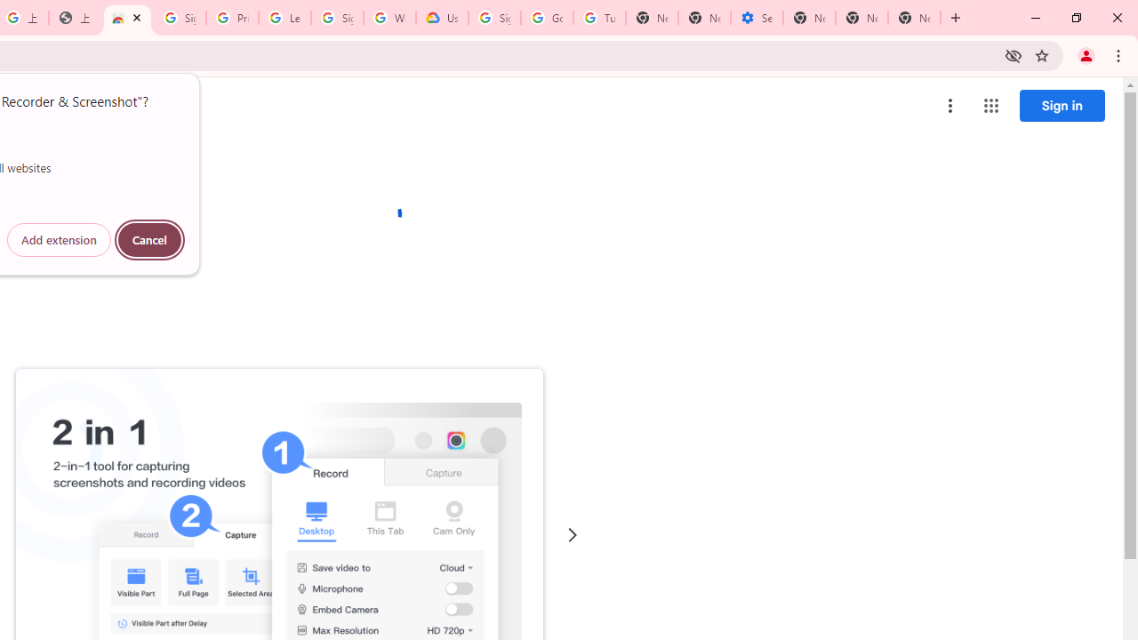  Describe the element at coordinates (757, 18) in the screenshot. I see `'Settings - Addresses and more'` at that location.